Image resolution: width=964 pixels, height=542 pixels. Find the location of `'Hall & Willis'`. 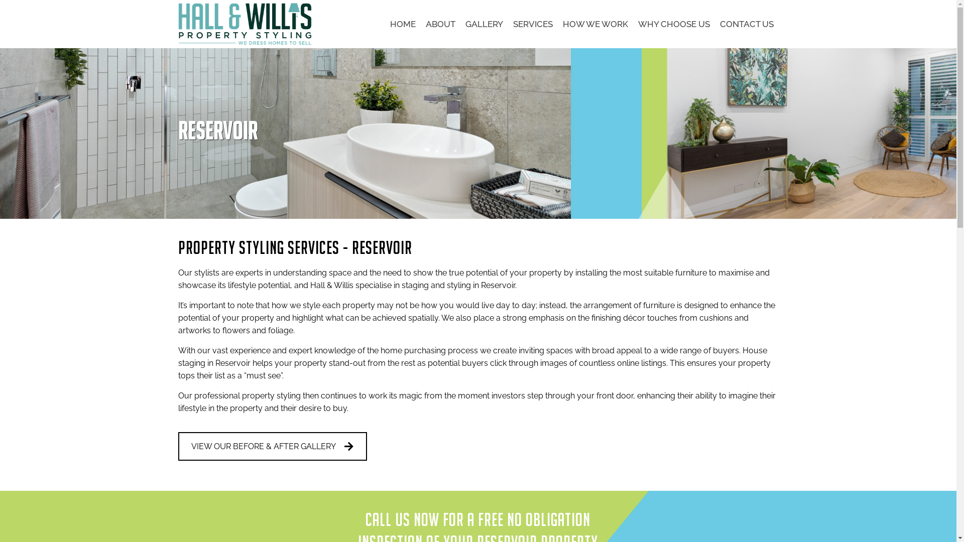

'Hall & Willis' is located at coordinates (246, 23).